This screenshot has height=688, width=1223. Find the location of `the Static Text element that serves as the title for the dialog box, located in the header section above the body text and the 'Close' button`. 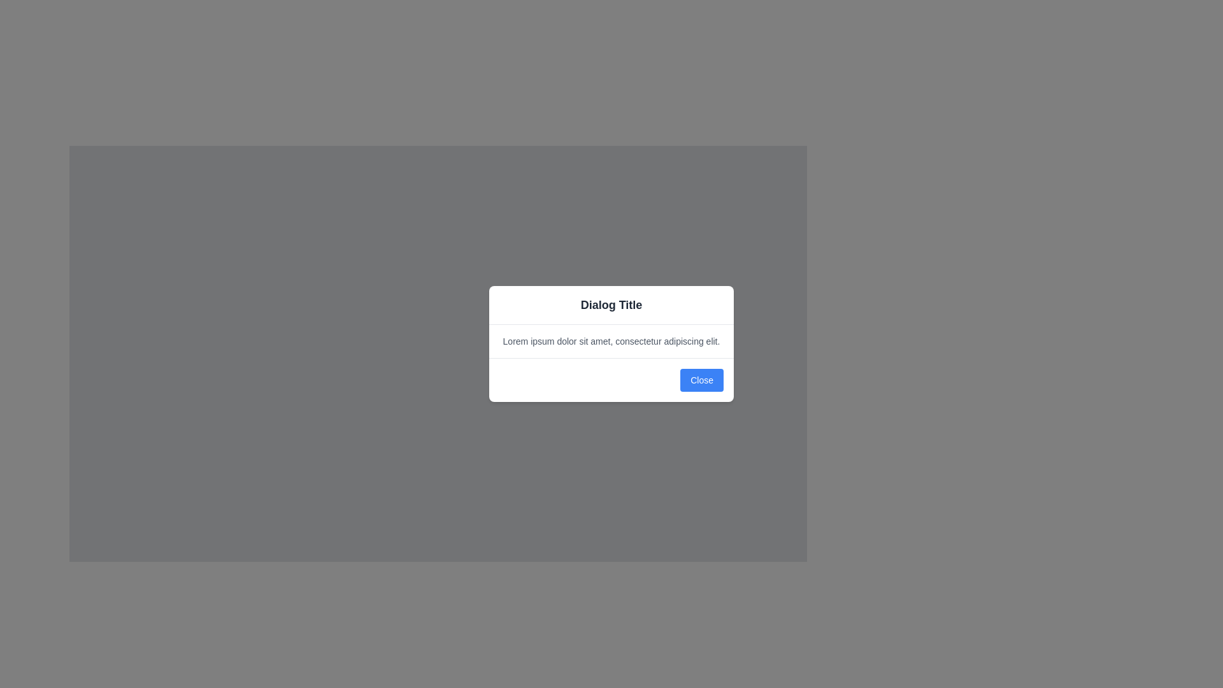

the Static Text element that serves as the title for the dialog box, located in the header section above the body text and the 'Close' button is located at coordinates (611, 305).